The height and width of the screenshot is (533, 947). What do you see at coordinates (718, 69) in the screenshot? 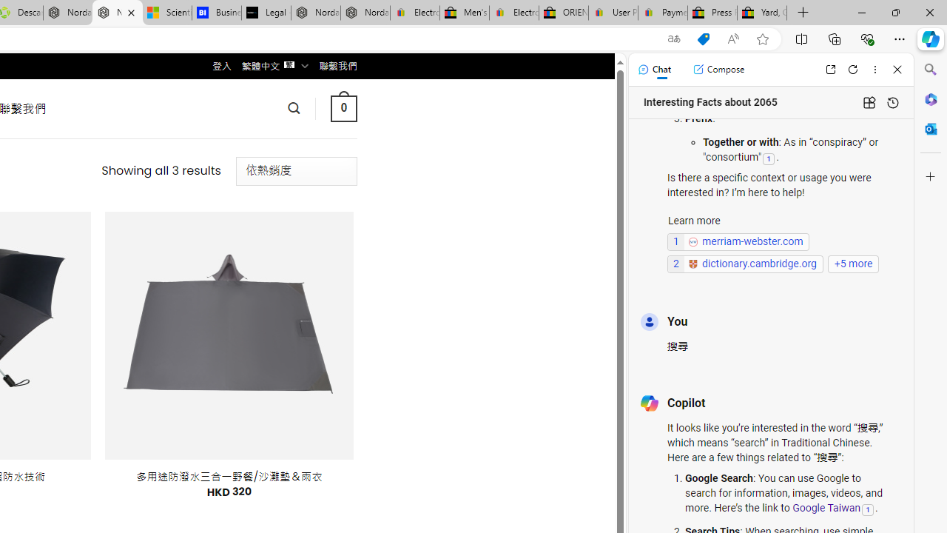
I see `'Compose'` at bounding box center [718, 69].